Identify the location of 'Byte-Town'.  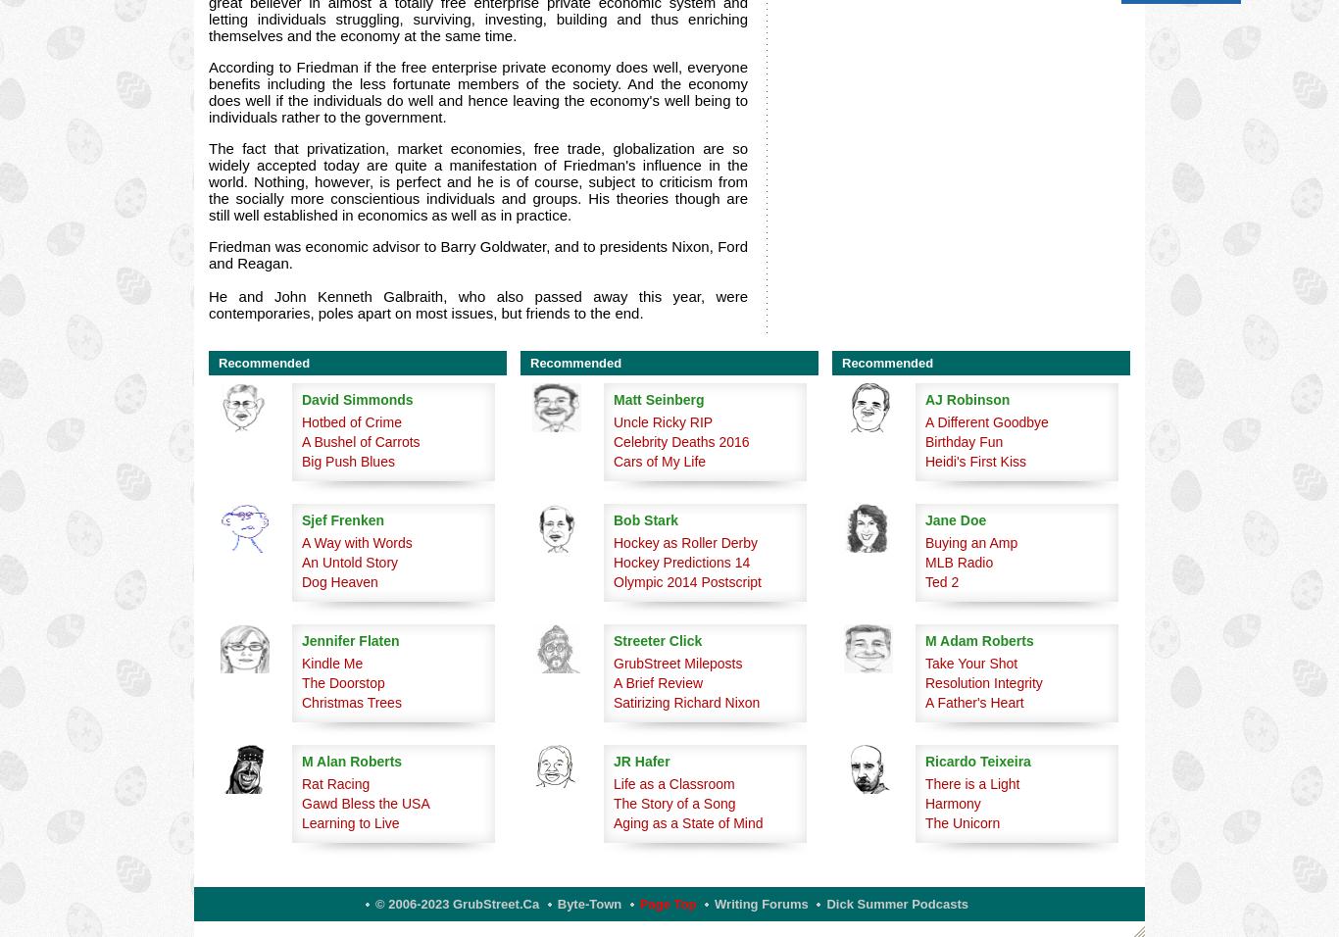
(588, 904).